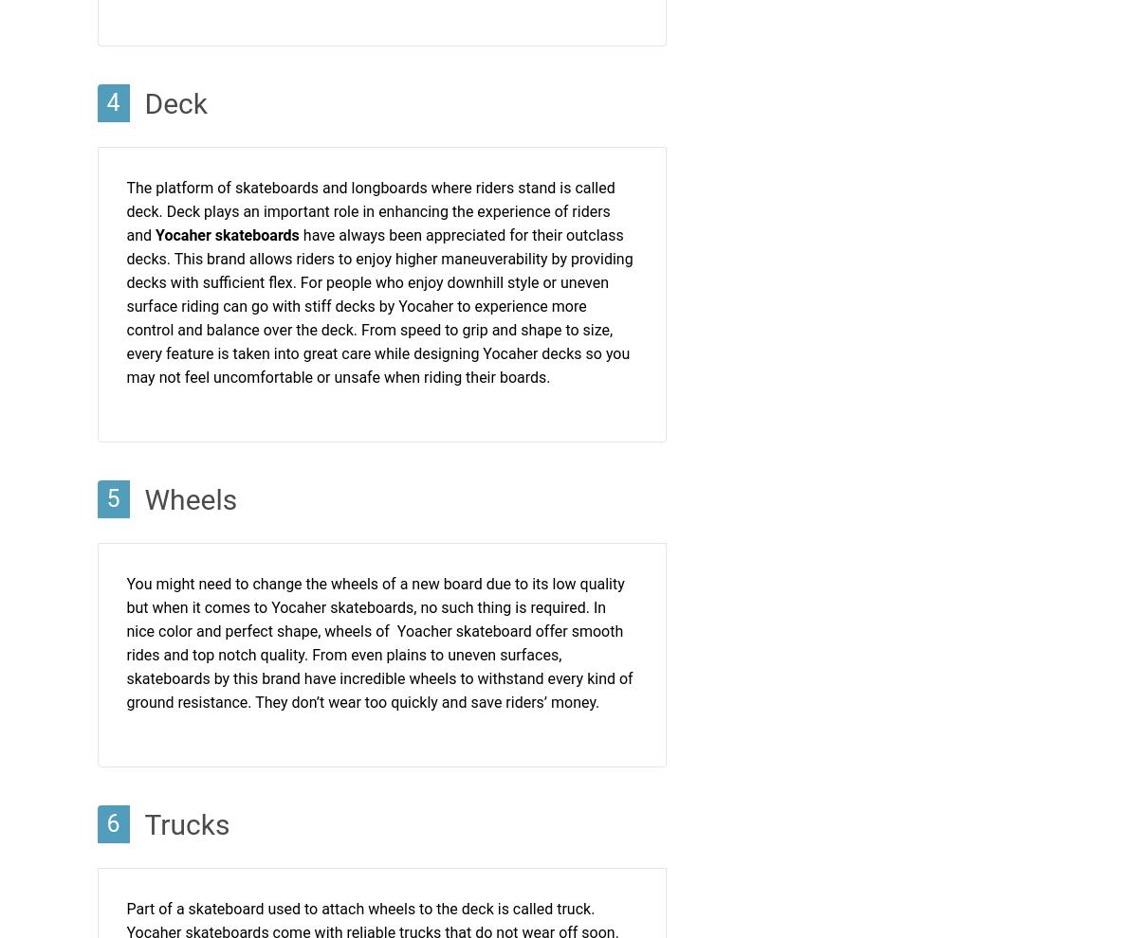  What do you see at coordinates (174, 102) in the screenshot?
I see `'Deck'` at bounding box center [174, 102].